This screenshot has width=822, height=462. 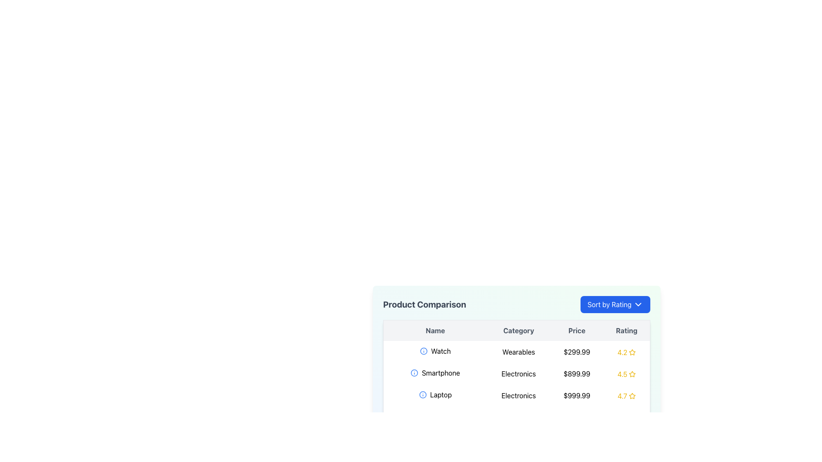 I want to click on the label for the product 'Watch', which is the first item under the 'Name' column in the table layout, so click(x=435, y=351).